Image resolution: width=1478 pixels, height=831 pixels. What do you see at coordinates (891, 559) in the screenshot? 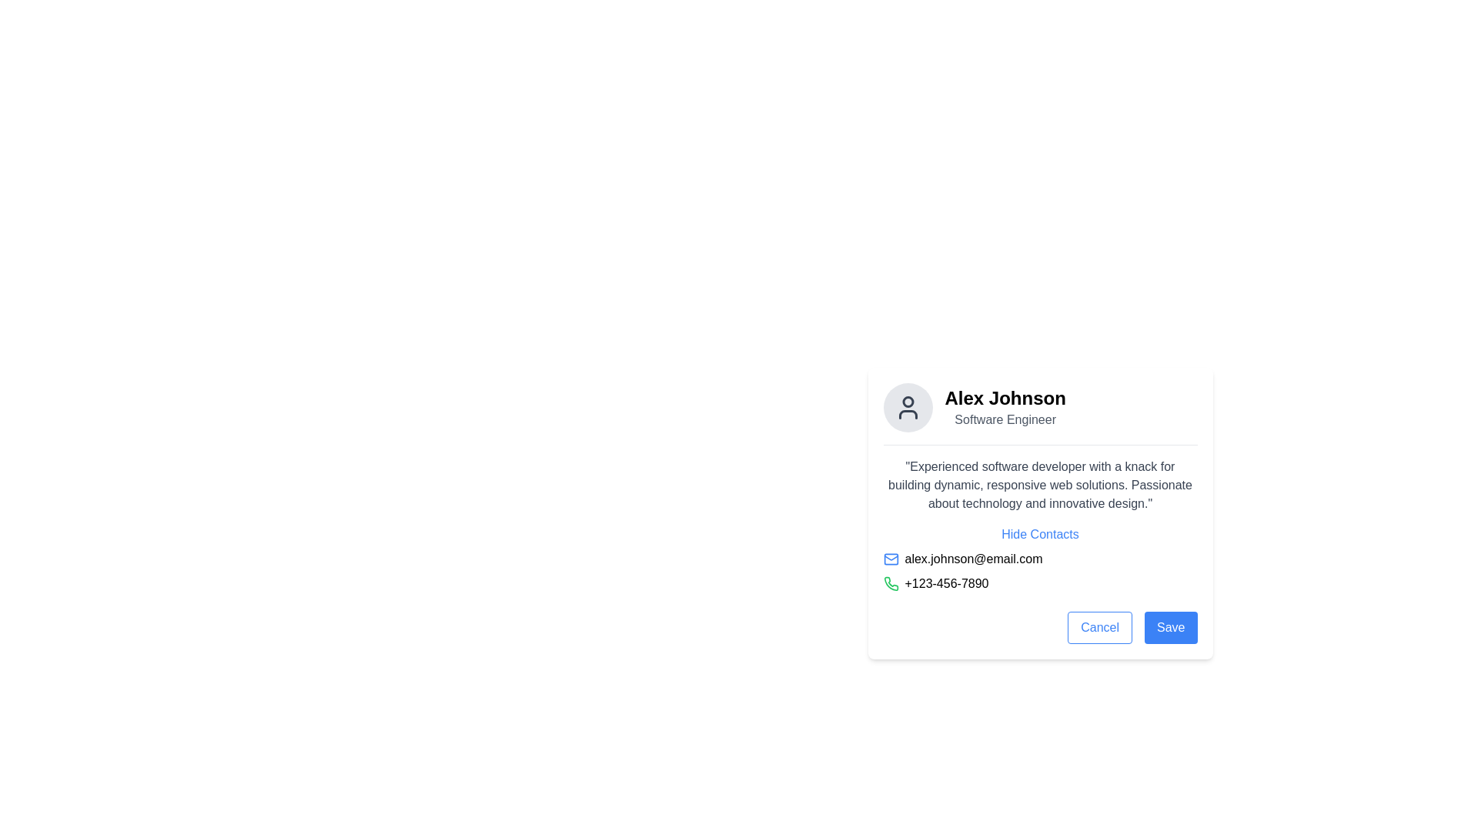
I see `the email indicator icon located to the left of the email address 'alex.johnson@email.com', which visually indicates the email nature of the text that follows` at bounding box center [891, 559].